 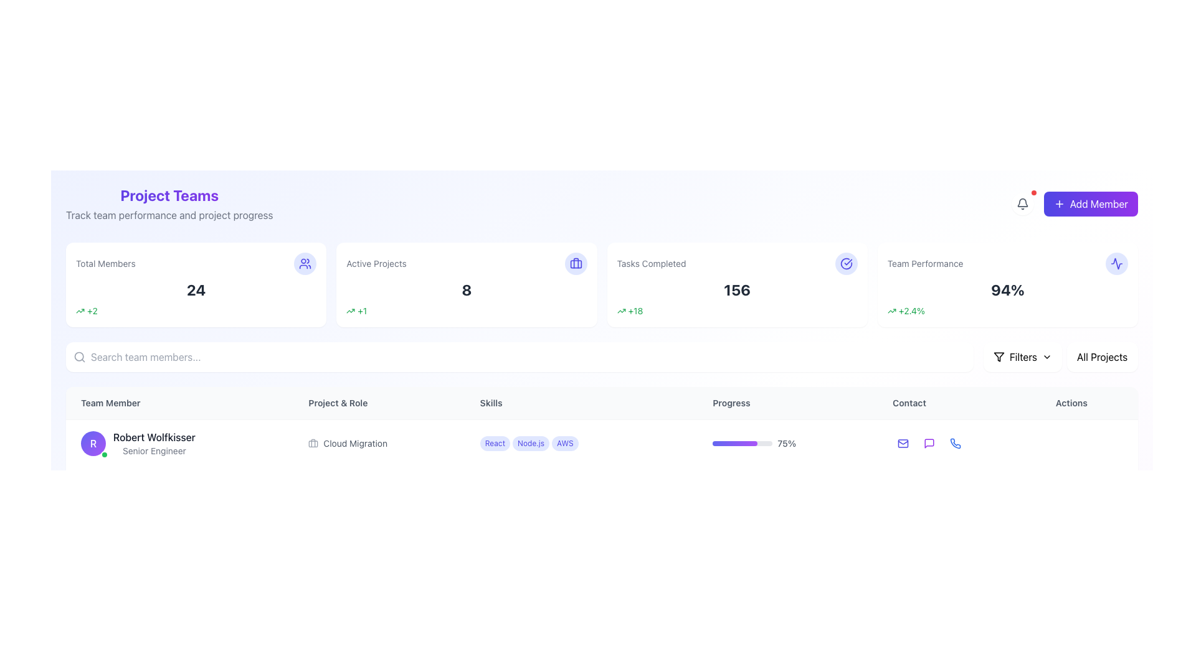 What do you see at coordinates (743, 443) in the screenshot?
I see `the visual progress indication of the Progress Bar located in the 'Progress' row, adjacent to the numeric percentage '75%'` at bounding box center [743, 443].